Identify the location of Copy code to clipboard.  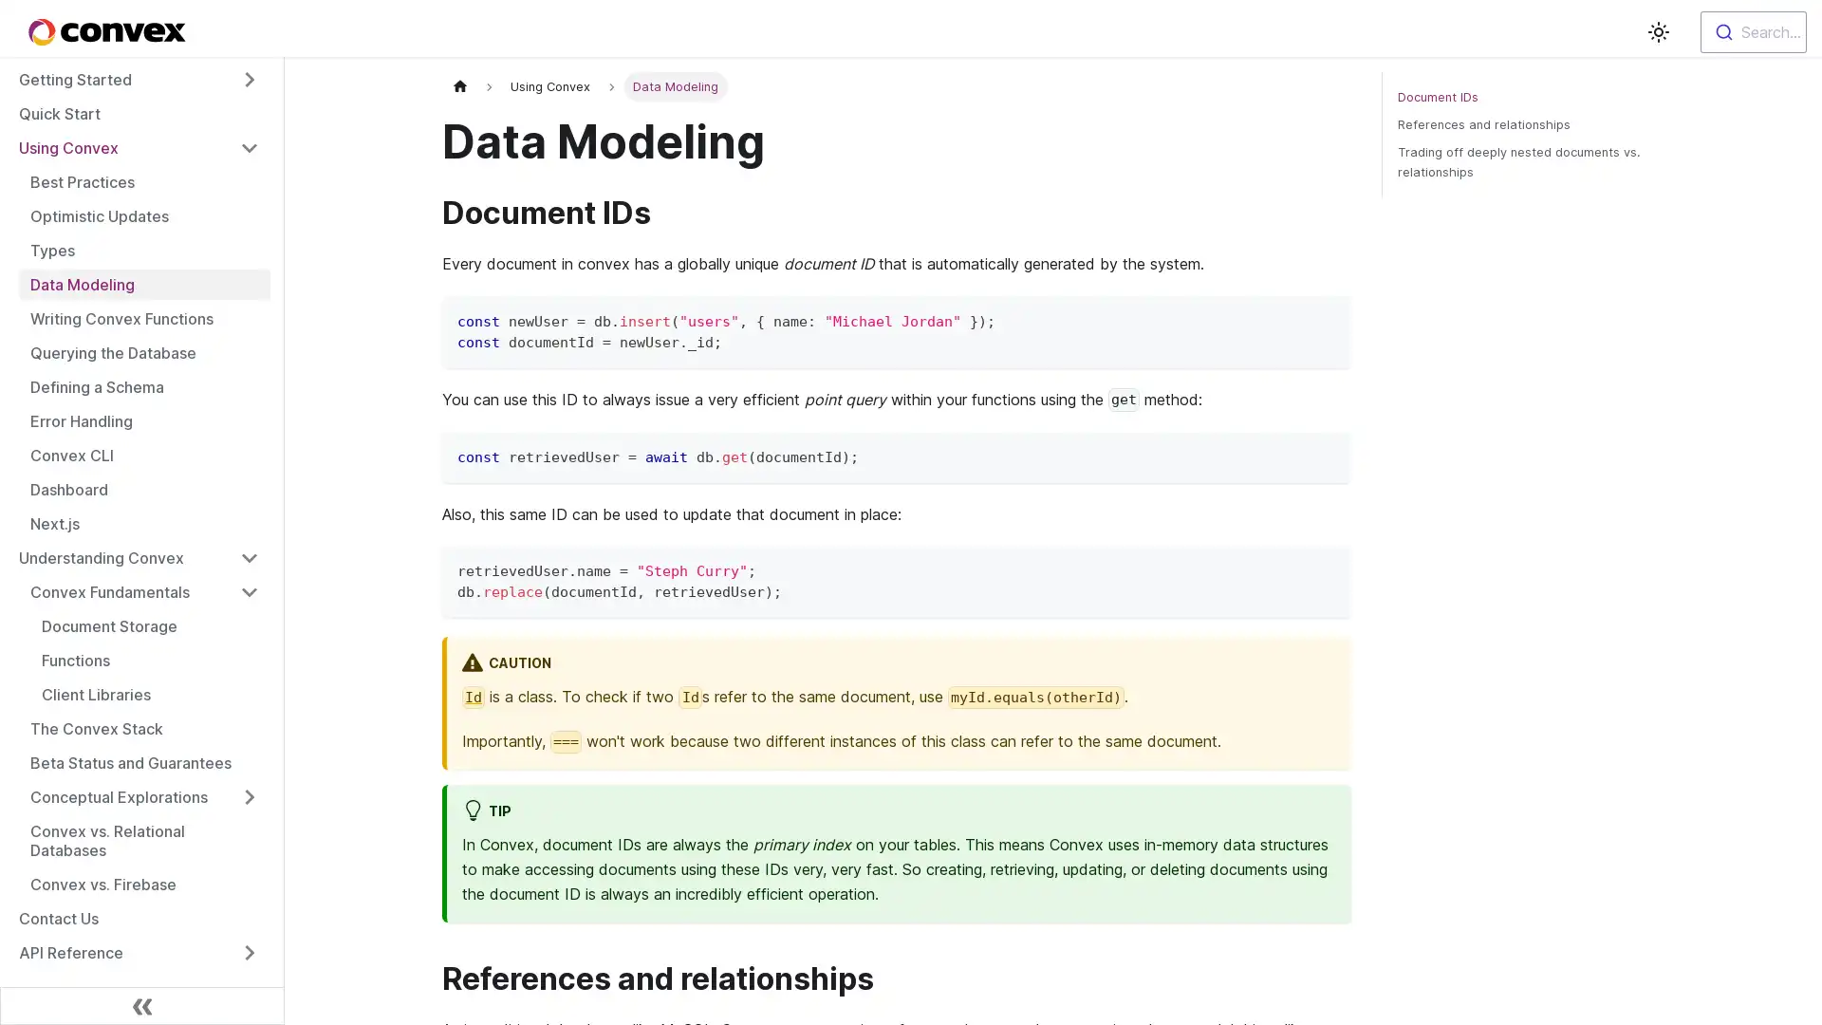
(1327, 454).